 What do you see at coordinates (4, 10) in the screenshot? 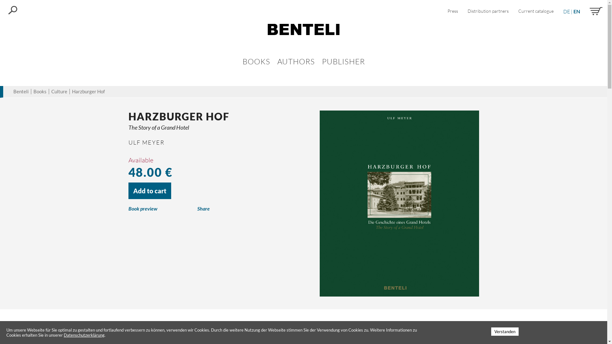
I see `'Search'` at bounding box center [4, 10].